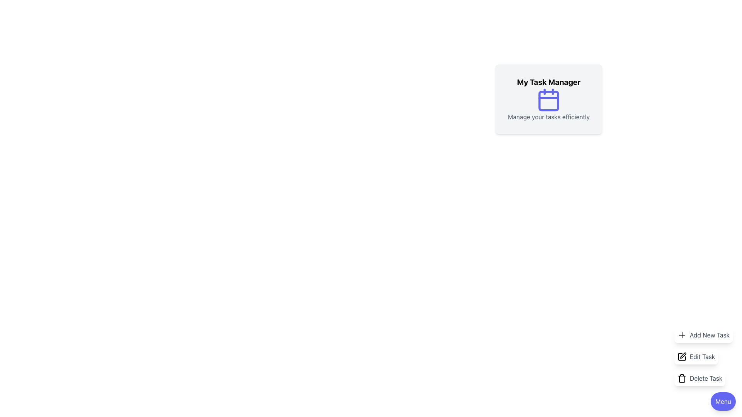 The image size is (742, 417). I want to click on the rectangular body of the trash can icon located to the left of the 'Delete Task' text, so click(682, 379).